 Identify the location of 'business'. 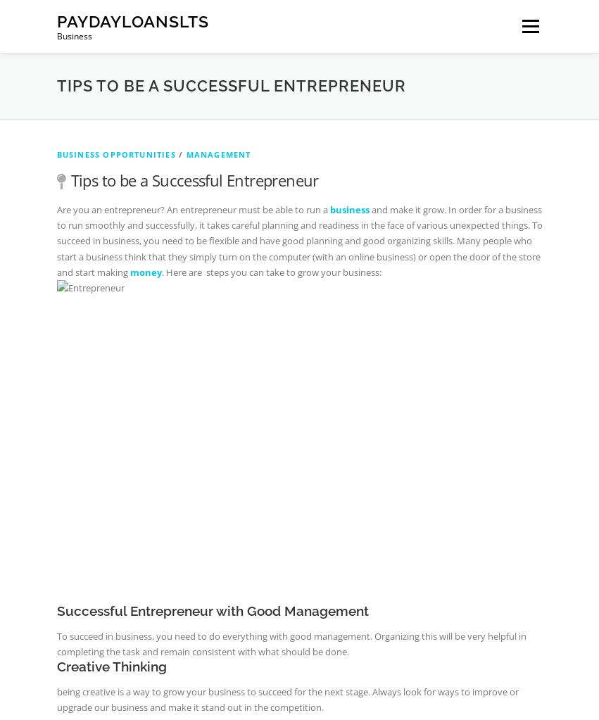
(348, 208).